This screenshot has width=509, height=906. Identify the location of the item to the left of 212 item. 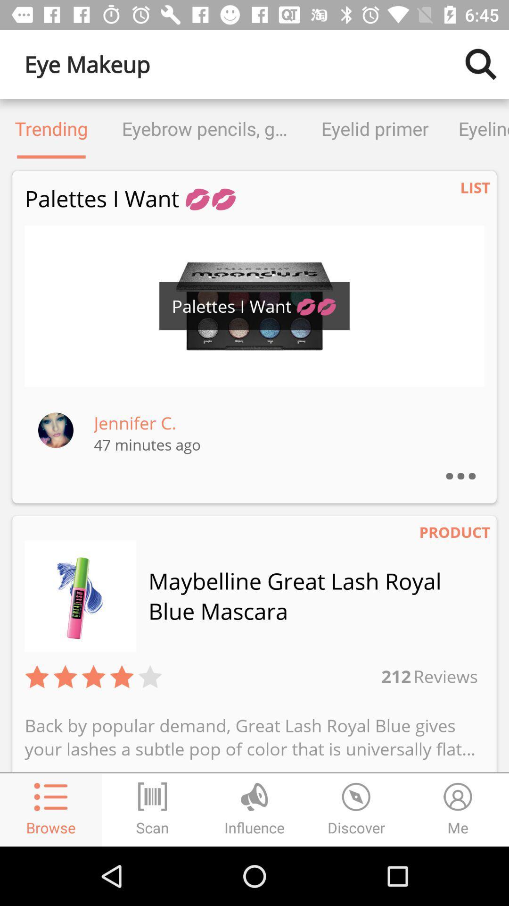
(149, 676).